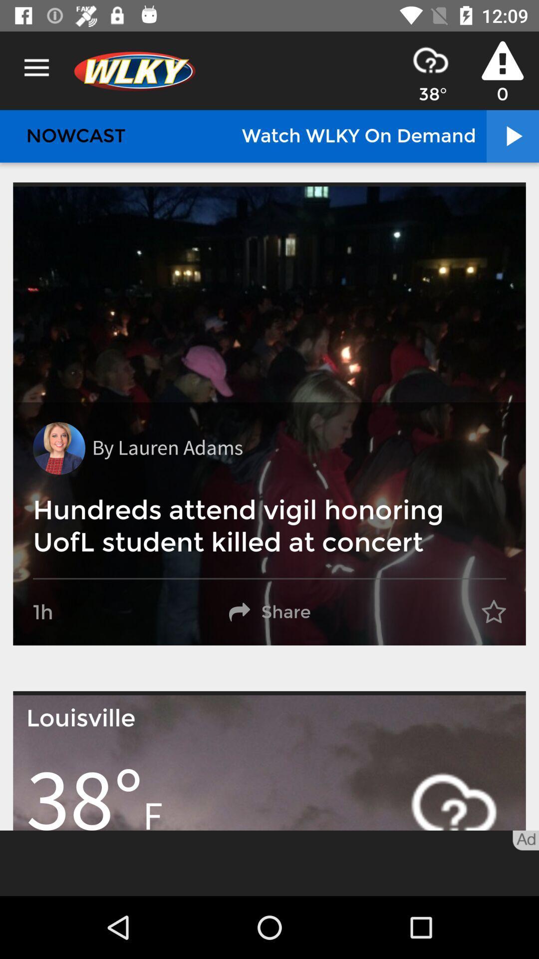 The image size is (539, 959). Describe the element at coordinates (36, 67) in the screenshot. I see `the menu icon` at that location.